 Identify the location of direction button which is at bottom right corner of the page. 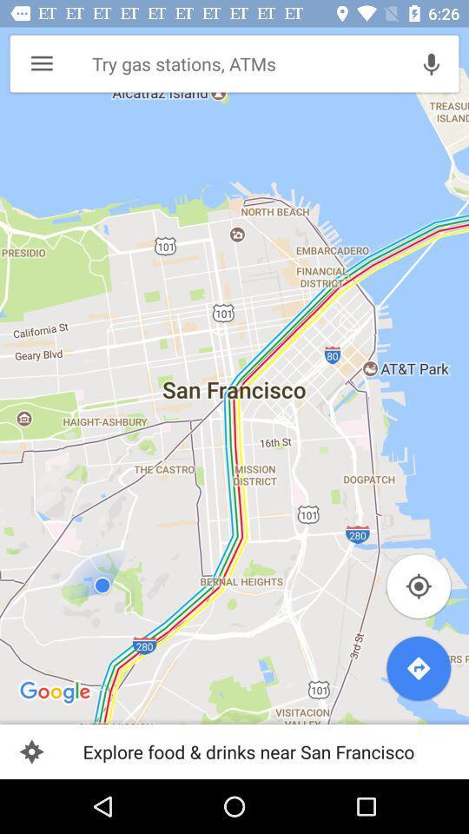
(418, 668).